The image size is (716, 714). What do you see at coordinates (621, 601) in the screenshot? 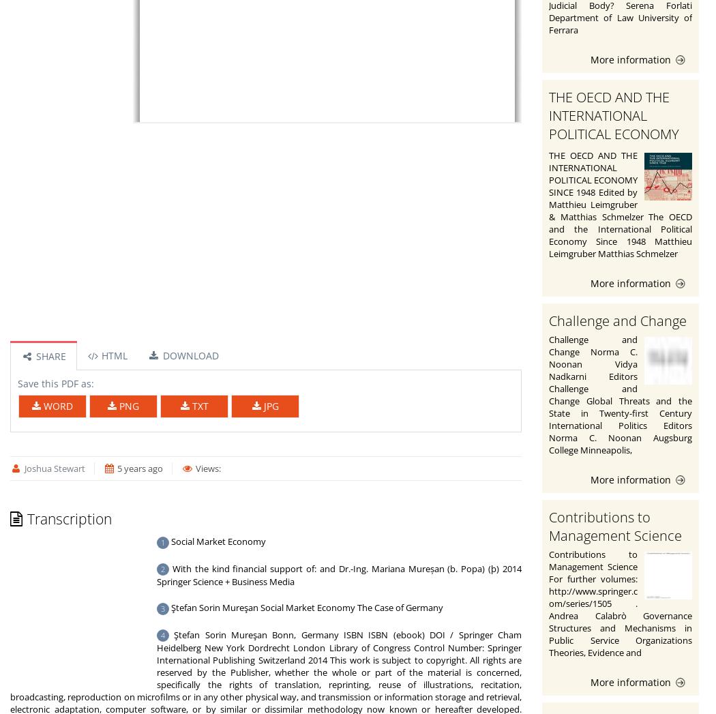
I see `'Contributions to Management Science For further volumes: http://www.springer.com/series/1505 . Andrea Calabrò Governance Structures and Mechanisms in Public Service Organizations Theories, Evidence and'` at bounding box center [621, 601].